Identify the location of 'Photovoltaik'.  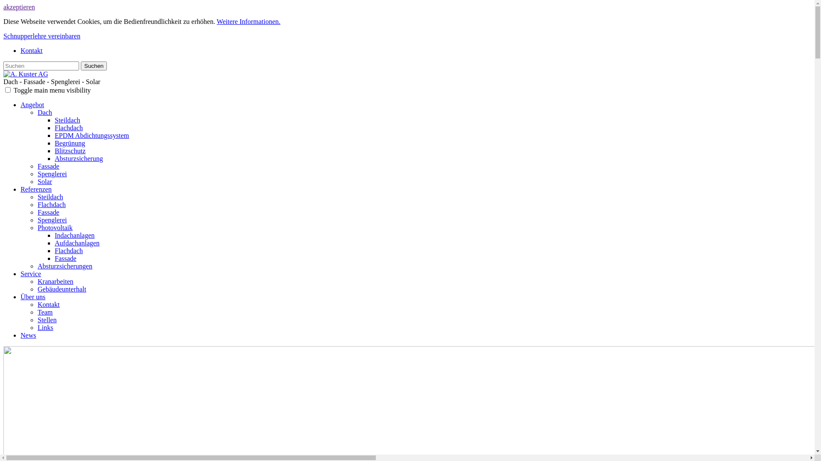
(55, 227).